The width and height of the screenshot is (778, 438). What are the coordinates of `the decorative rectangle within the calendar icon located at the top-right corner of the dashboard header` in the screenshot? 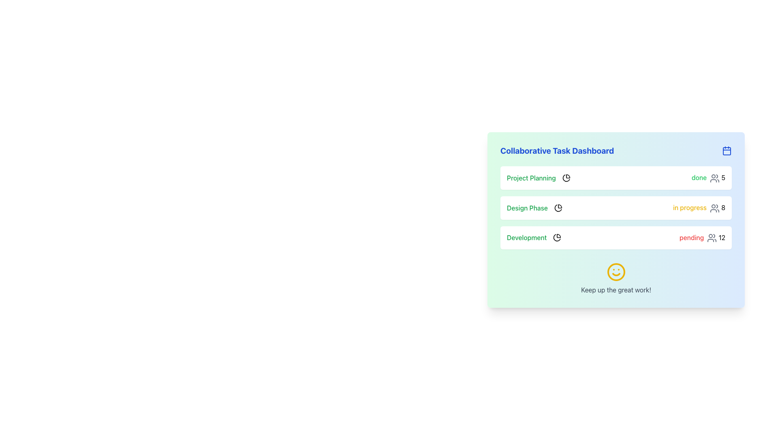 It's located at (727, 151).